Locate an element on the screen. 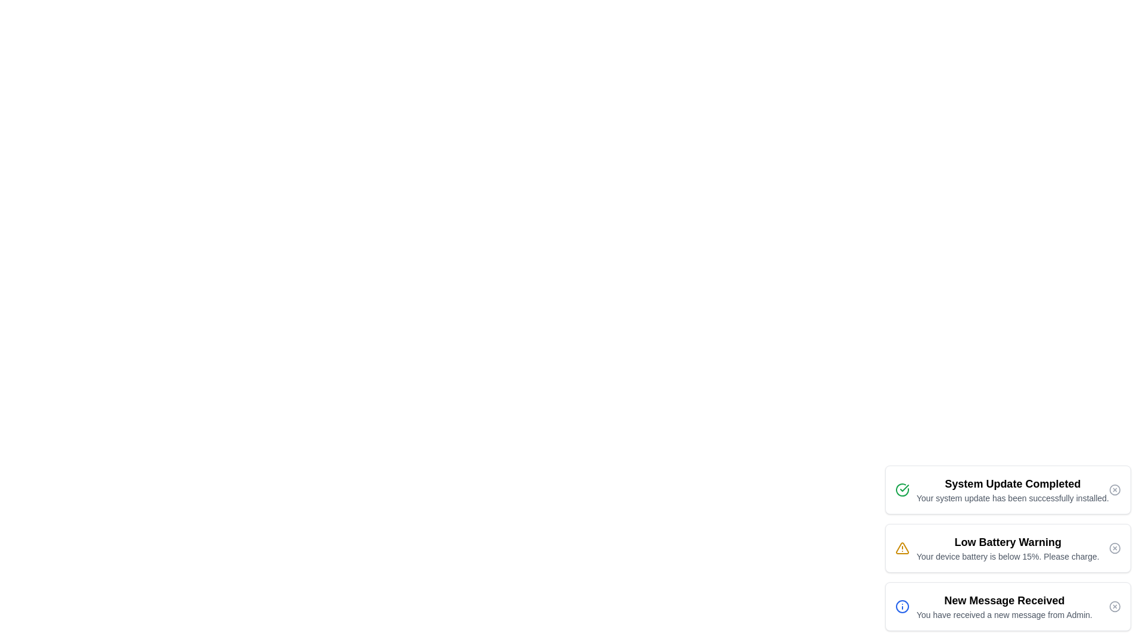 This screenshot has height=643, width=1143. the text element displaying 'System Update Completed', which is bold and emphasized, located at the top of the notifications list on the right side of the interface is located at coordinates (1012, 484).